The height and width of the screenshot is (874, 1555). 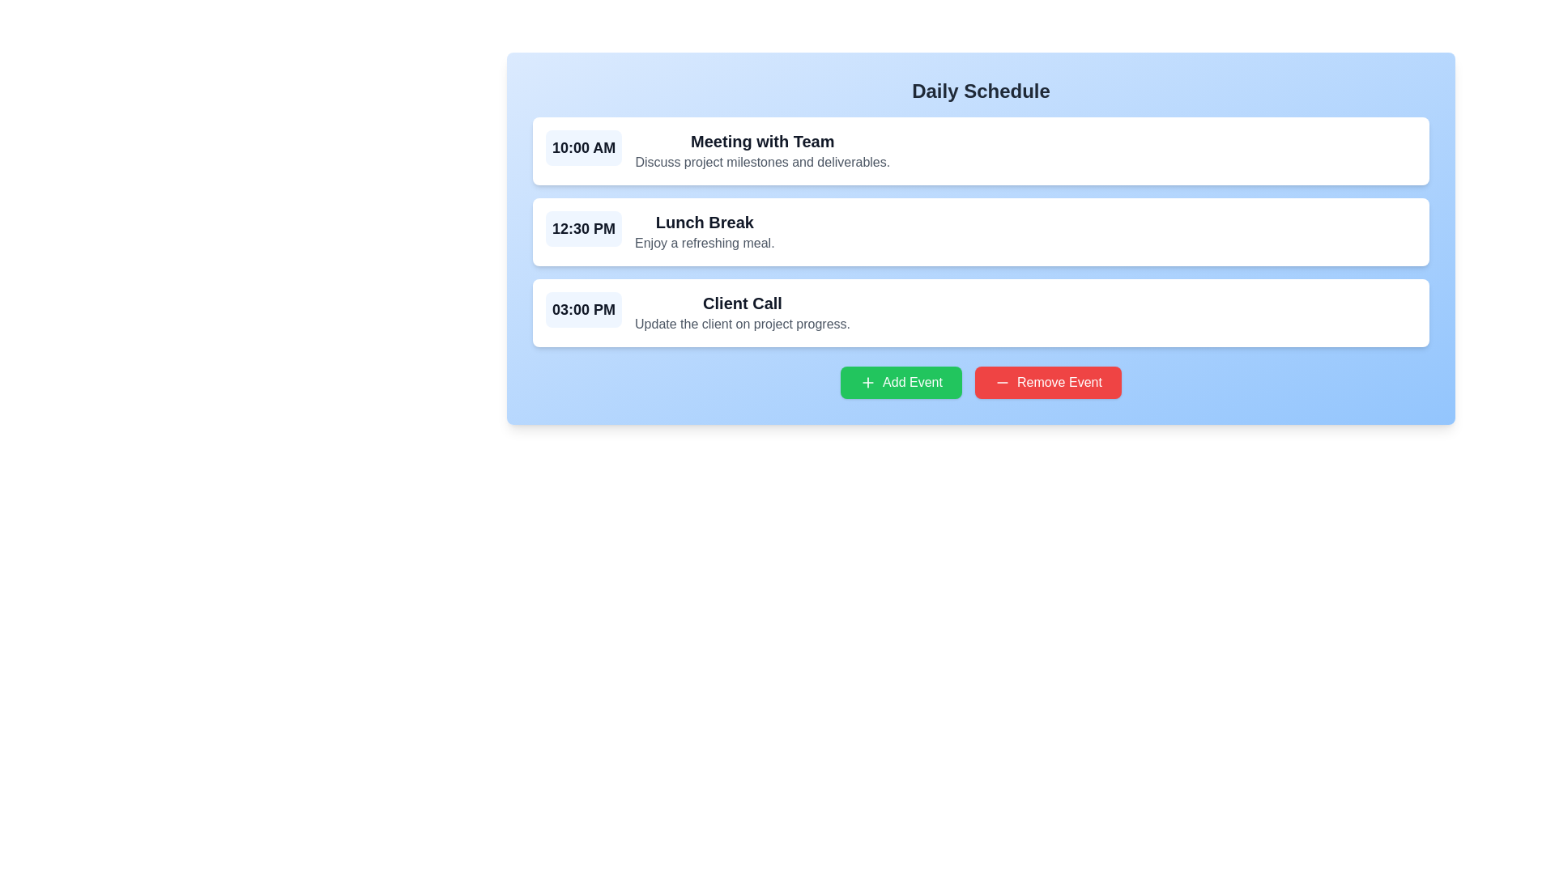 What do you see at coordinates (1002, 383) in the screenshot?
I see `the minus sign icon inside the red 'Remove Event' button located at the bottom right of the interface` at bounding box center [1002, 383].